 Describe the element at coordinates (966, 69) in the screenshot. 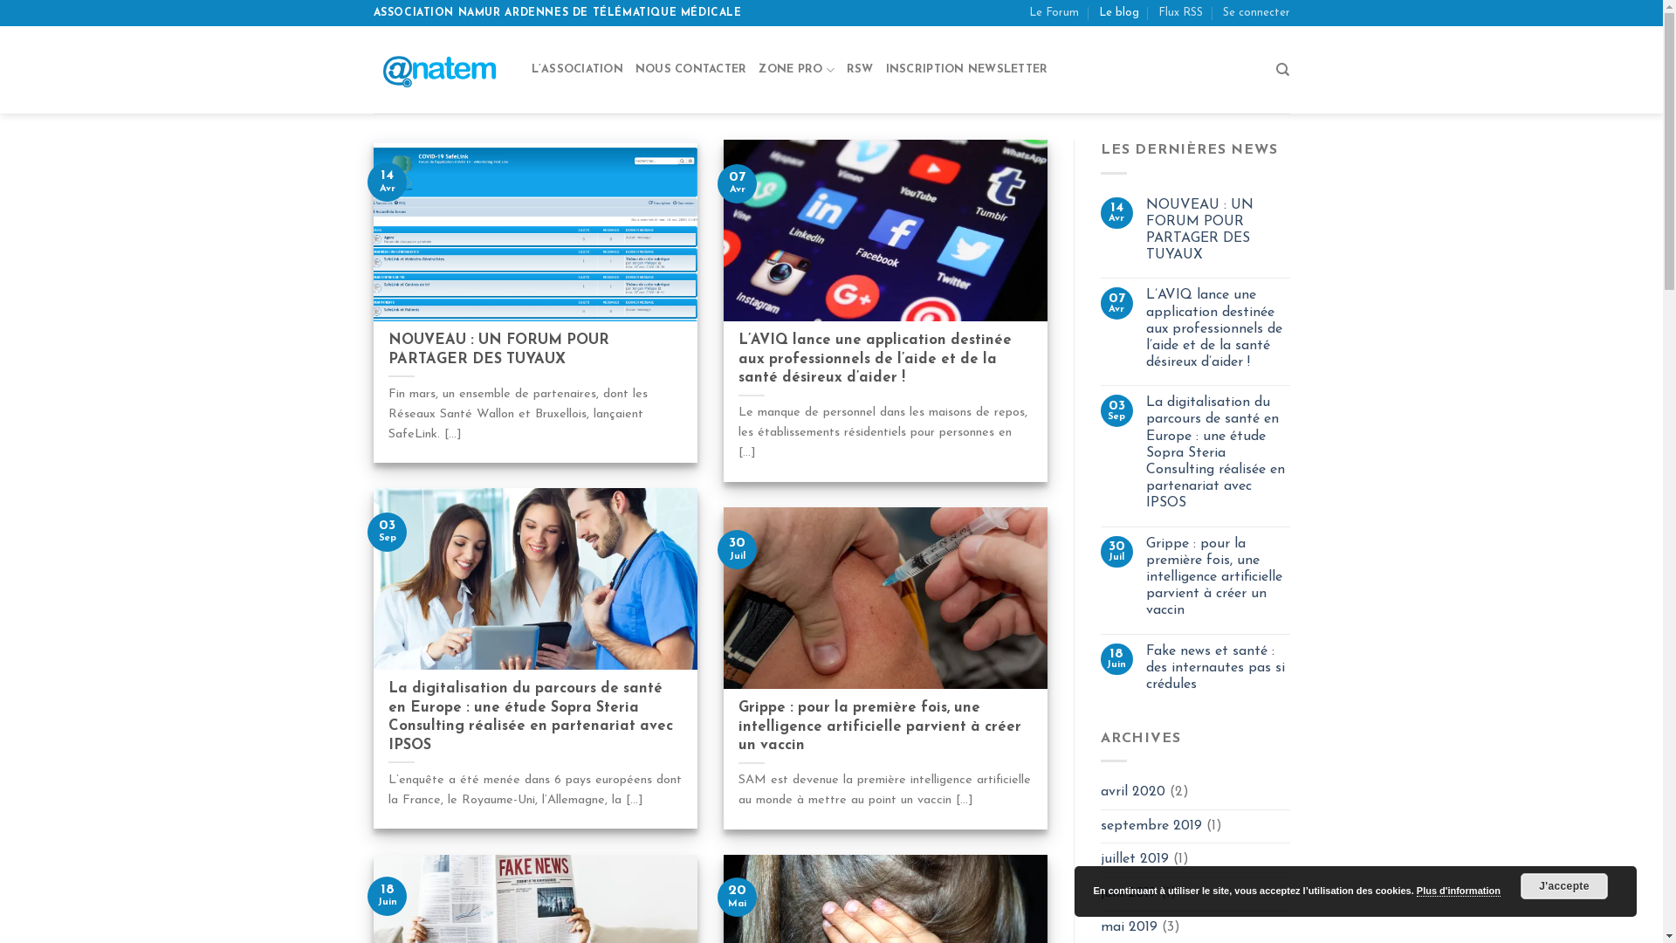

I see `'INSCRIPTION NEWSLETTER'` at that location.